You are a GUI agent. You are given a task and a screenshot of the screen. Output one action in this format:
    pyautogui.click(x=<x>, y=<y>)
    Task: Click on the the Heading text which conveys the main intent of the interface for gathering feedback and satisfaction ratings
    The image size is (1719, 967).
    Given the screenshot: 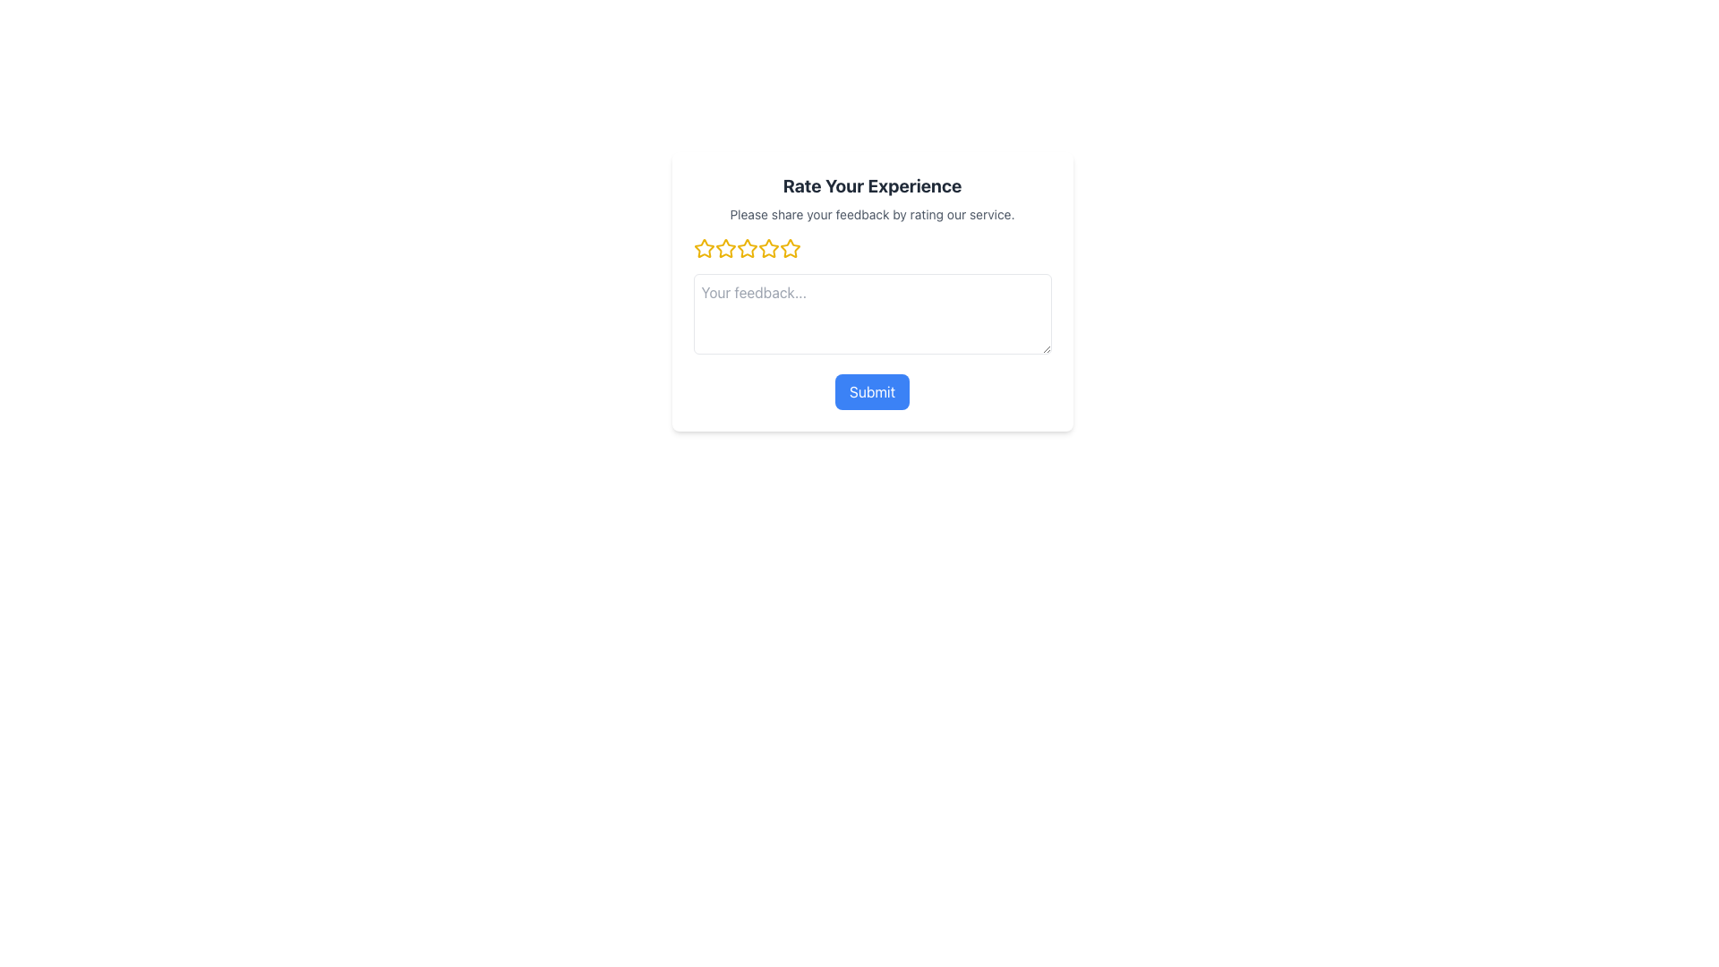 What is the action you would take?
    pyautogui.click(x=872, y=186)
    